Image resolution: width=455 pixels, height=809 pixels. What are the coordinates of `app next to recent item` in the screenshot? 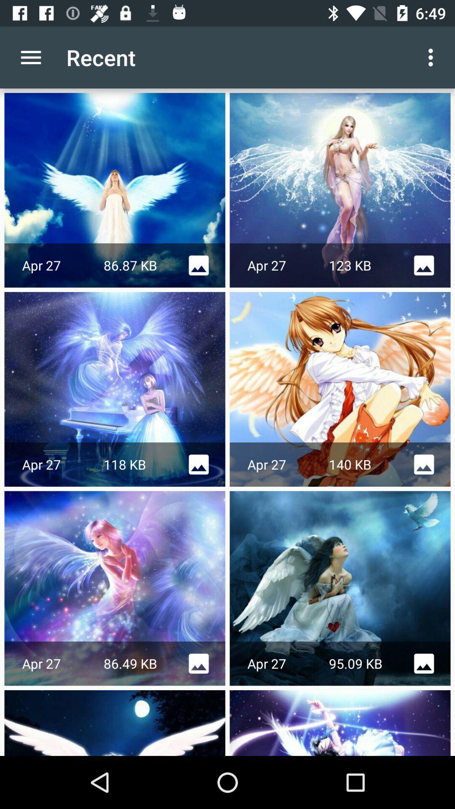 It's located at (433, 57).